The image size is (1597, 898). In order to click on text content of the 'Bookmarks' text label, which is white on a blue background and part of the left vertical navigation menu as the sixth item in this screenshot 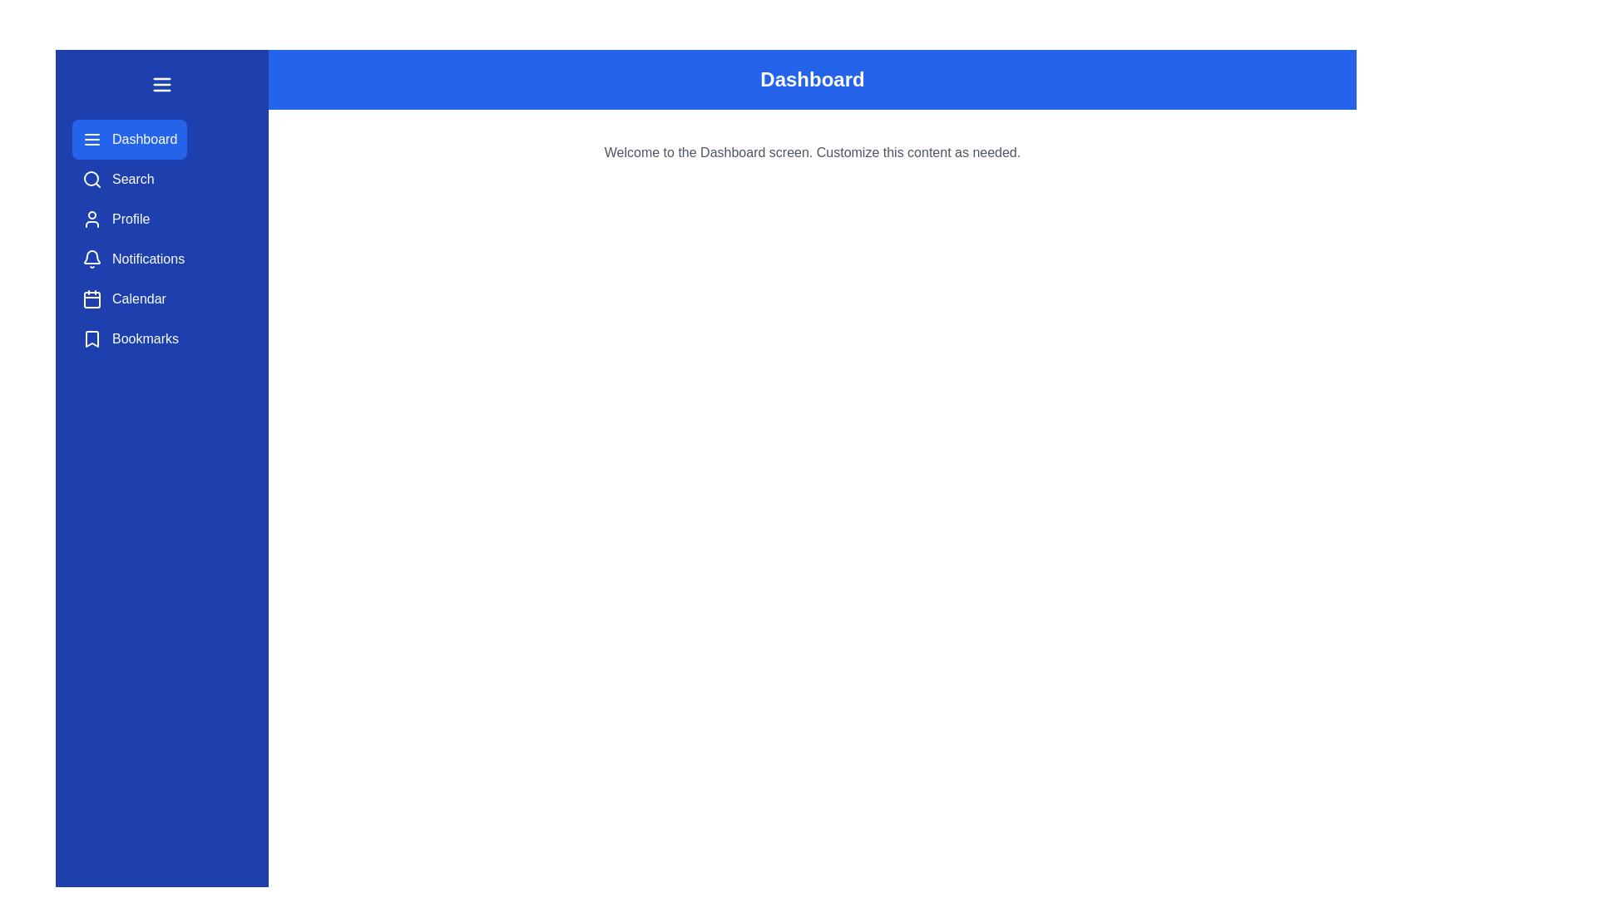, I will do `click(146, 338)`.